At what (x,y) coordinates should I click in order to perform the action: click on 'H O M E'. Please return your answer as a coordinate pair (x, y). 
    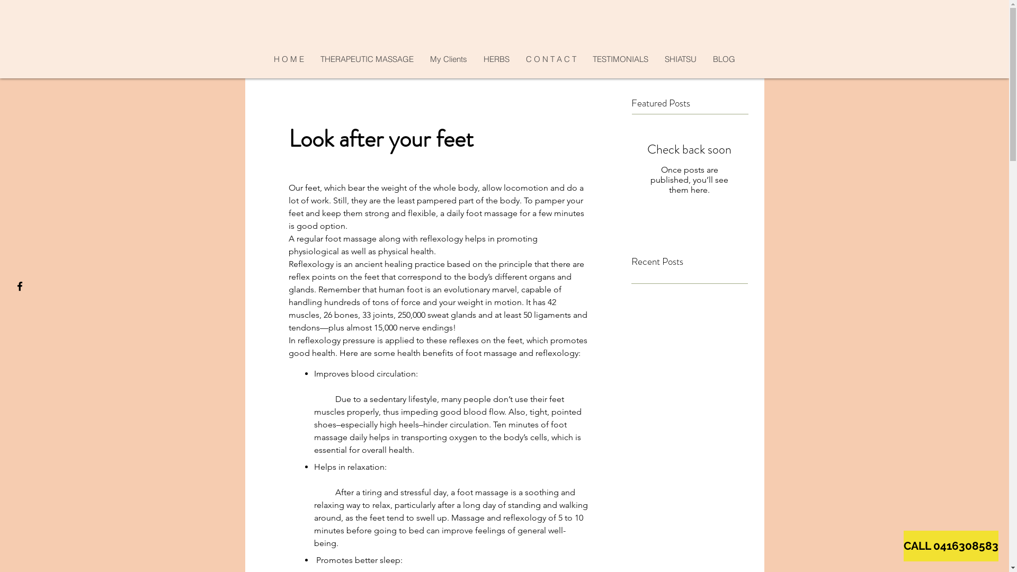
    Looking at the image, I should click on (289, 59).